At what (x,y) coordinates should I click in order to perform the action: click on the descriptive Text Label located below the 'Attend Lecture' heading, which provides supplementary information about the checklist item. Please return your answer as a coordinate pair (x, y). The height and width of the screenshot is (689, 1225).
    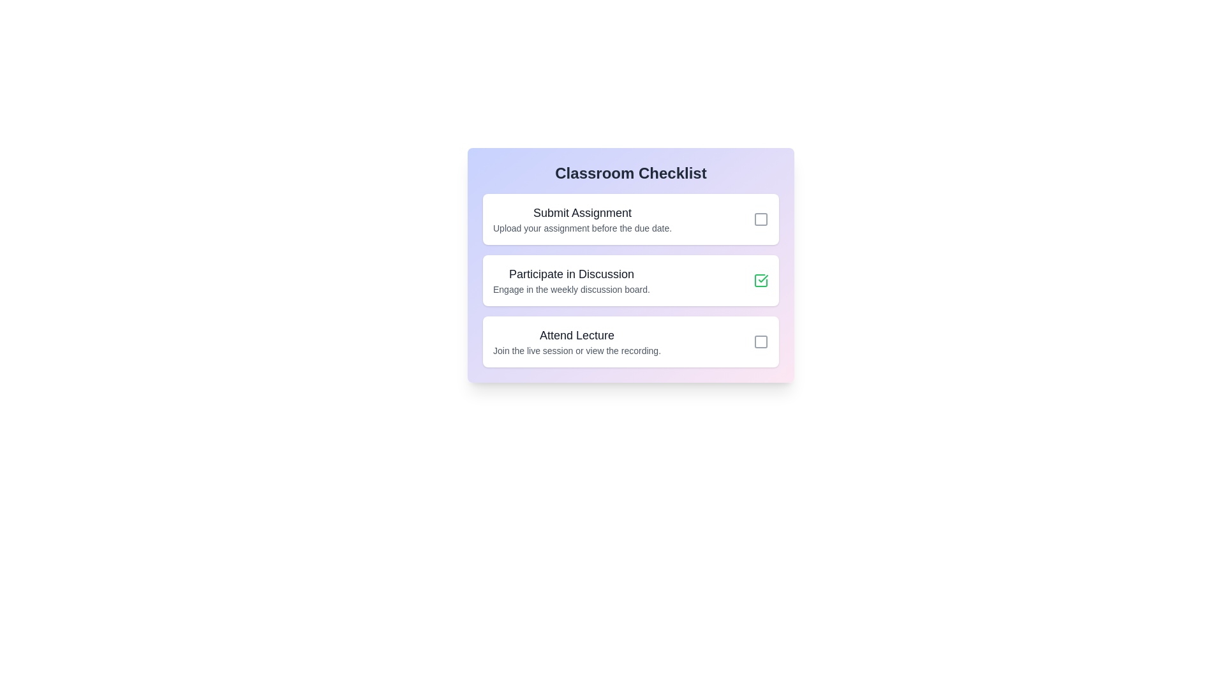
    Looking at the image, I should click on (576, 351).